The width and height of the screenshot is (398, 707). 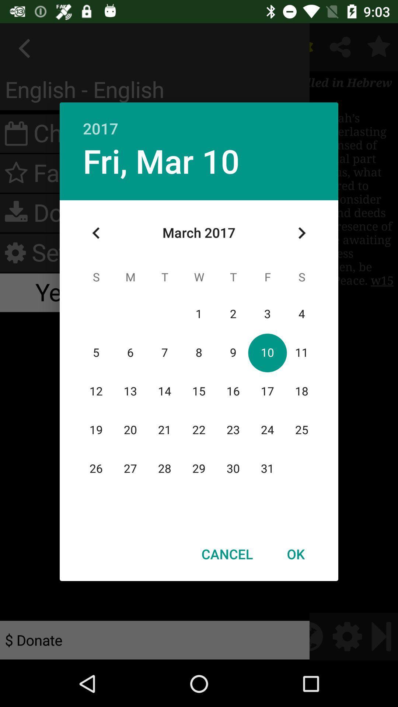 What do you see at coordinates (295, 554) in the screenshot?
I see `the ok` at bounding box center [295, 554].